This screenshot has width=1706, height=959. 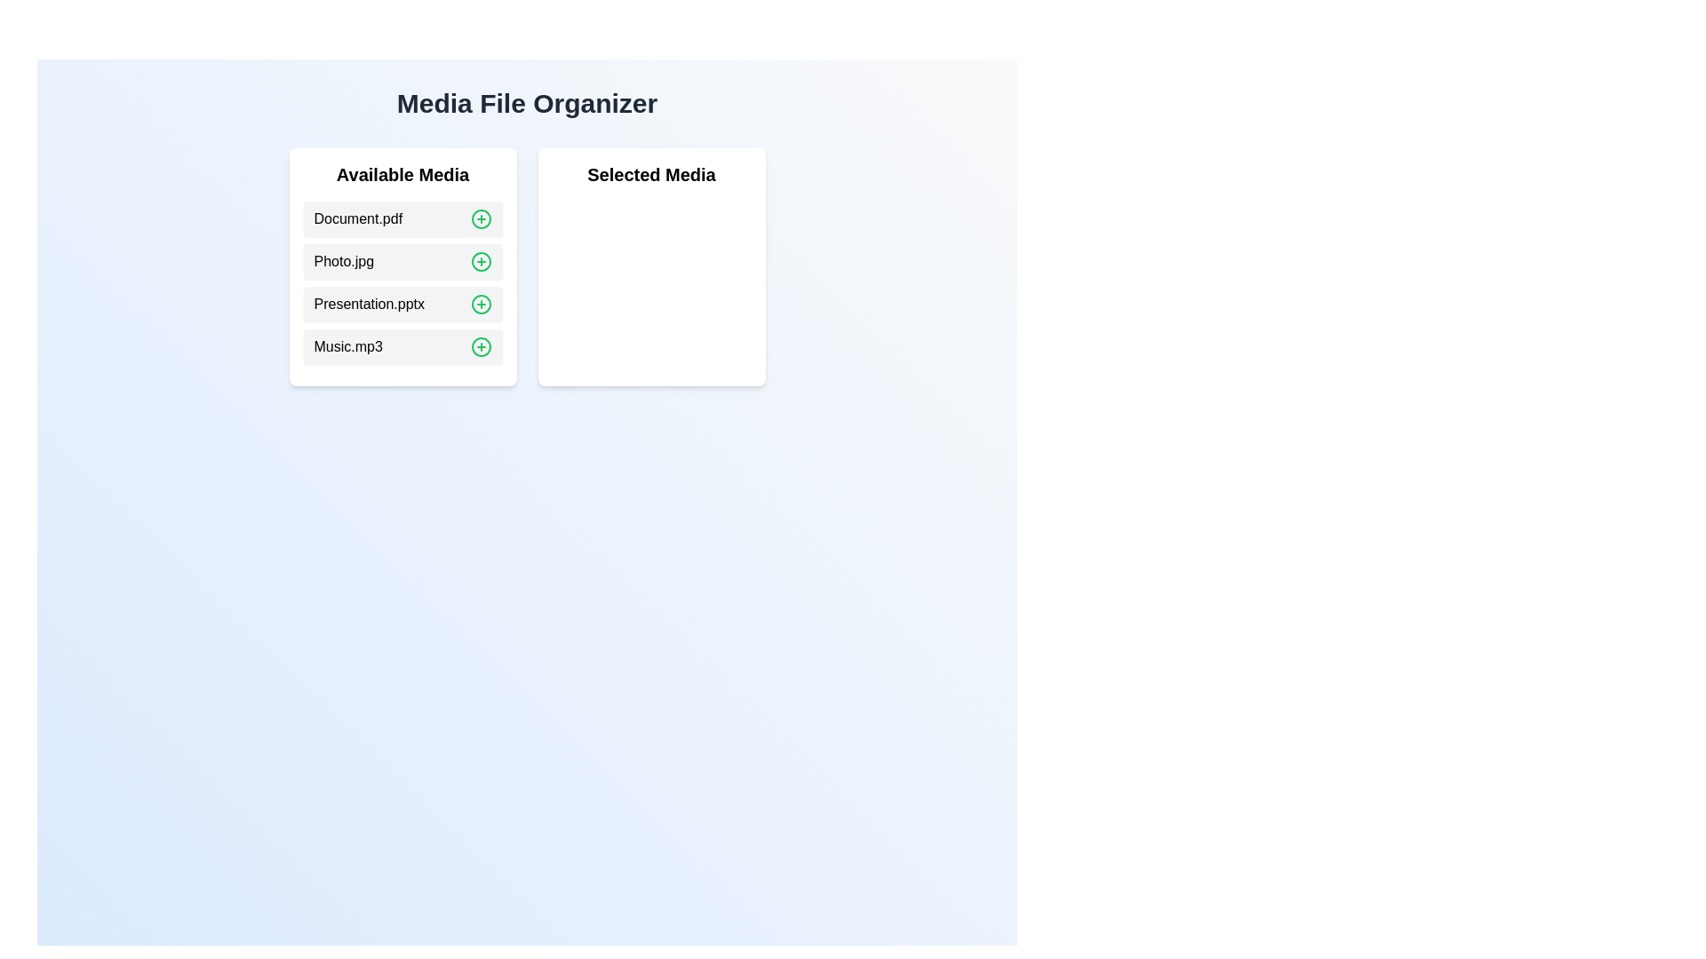 What do you see at coordinates (650, 174) in the screenshot?
I see `the 'Selected Media' section to examine its contents` at bounding box center [650, 174].